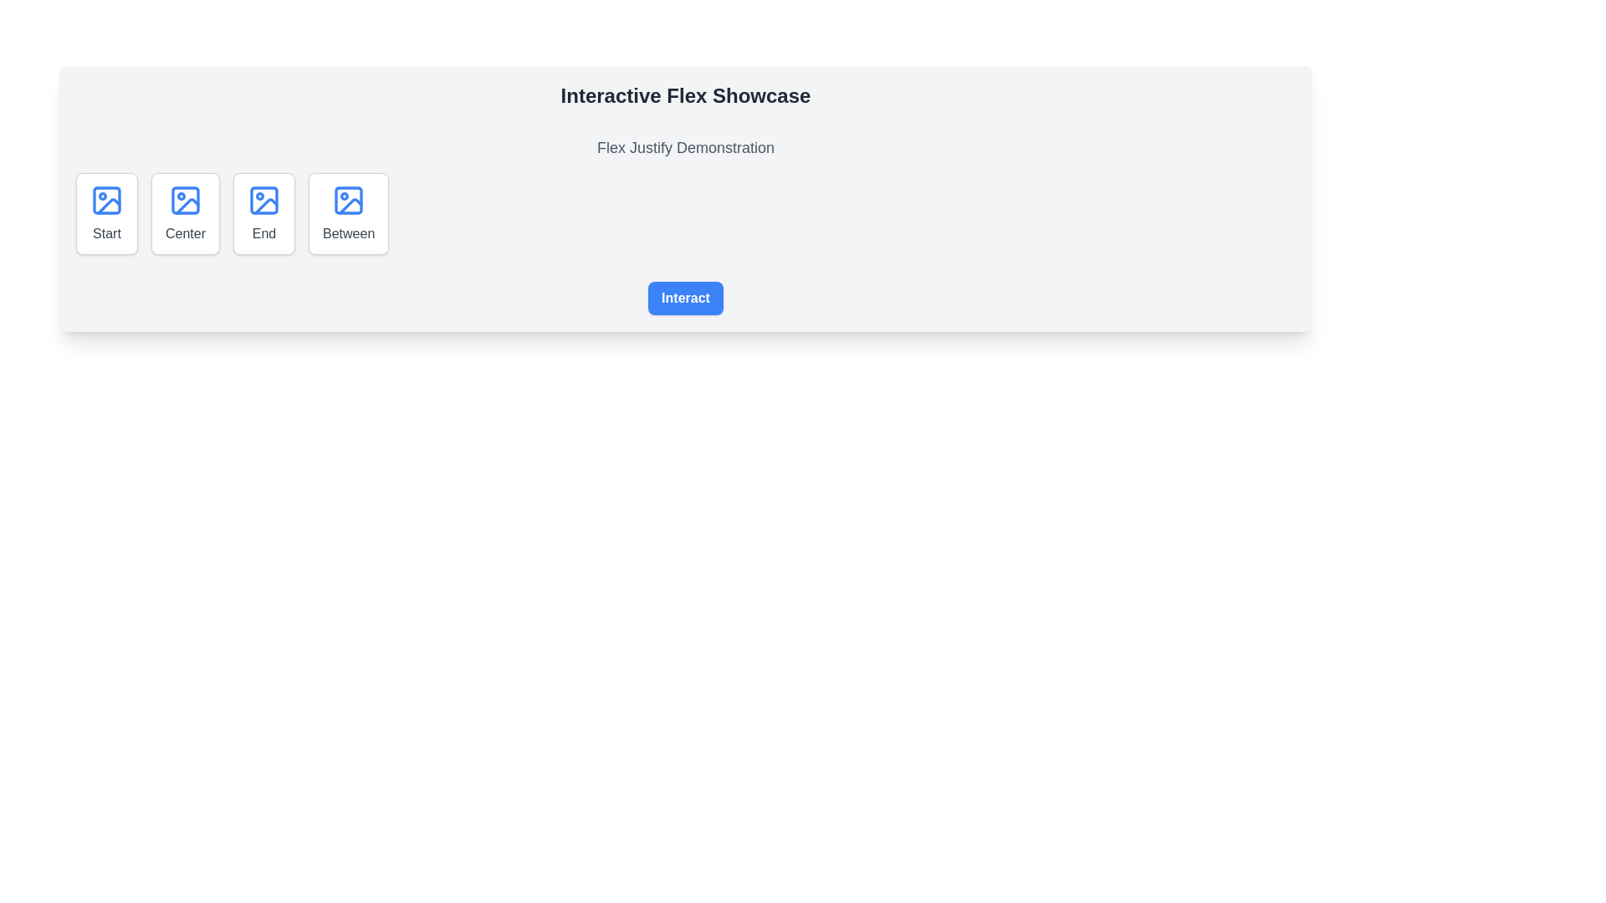 This screenshot has width=1606, height=903. I want to click on the text label that describes the mode or option as 'Between', located at the bottom of the fourth card from the left, directly underneath a blue square icon, so click(348, 234).